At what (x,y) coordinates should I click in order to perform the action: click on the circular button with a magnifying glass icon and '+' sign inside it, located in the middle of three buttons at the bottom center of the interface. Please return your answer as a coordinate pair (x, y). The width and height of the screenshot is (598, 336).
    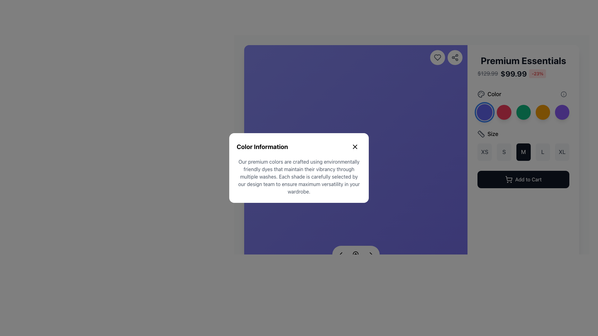
    Looking at the image, I should click on (356, 254).